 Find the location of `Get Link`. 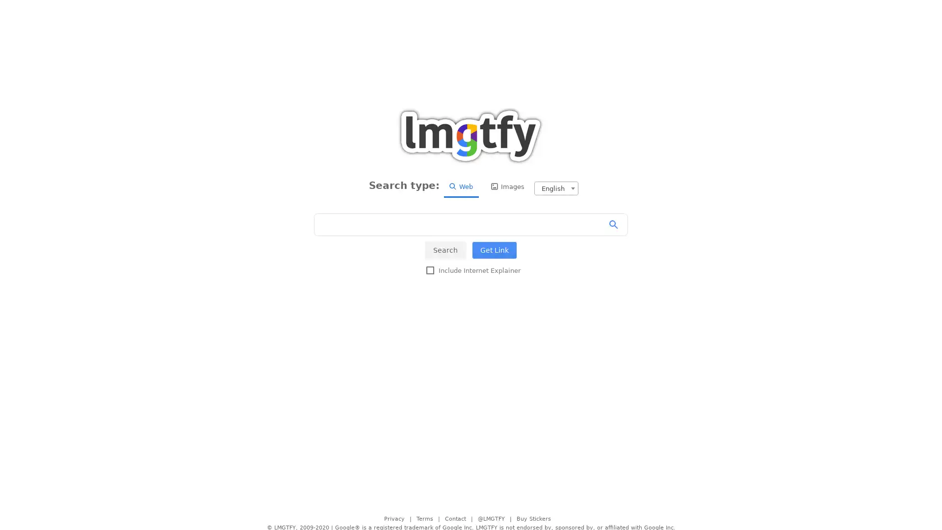

Get Link is located at coordinates (495, 249).